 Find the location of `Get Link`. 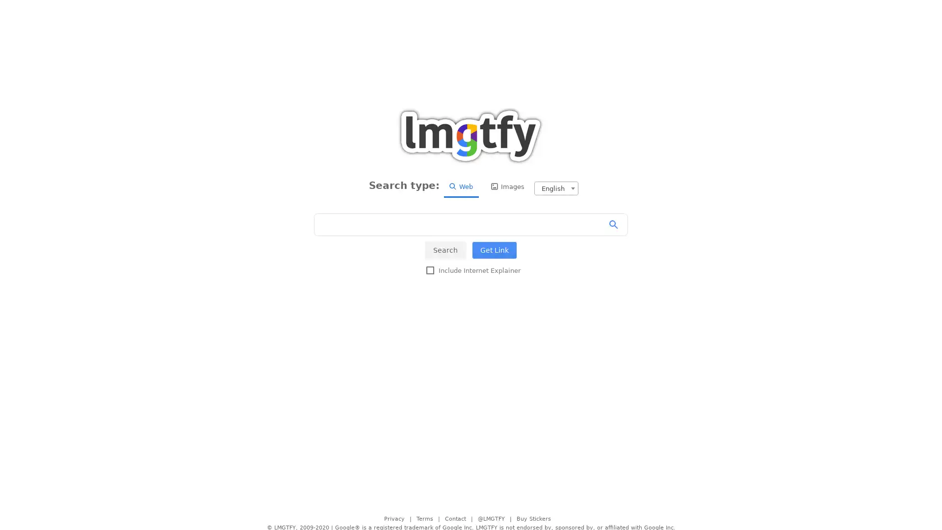

Get Link is located at coordinates (495, 249).